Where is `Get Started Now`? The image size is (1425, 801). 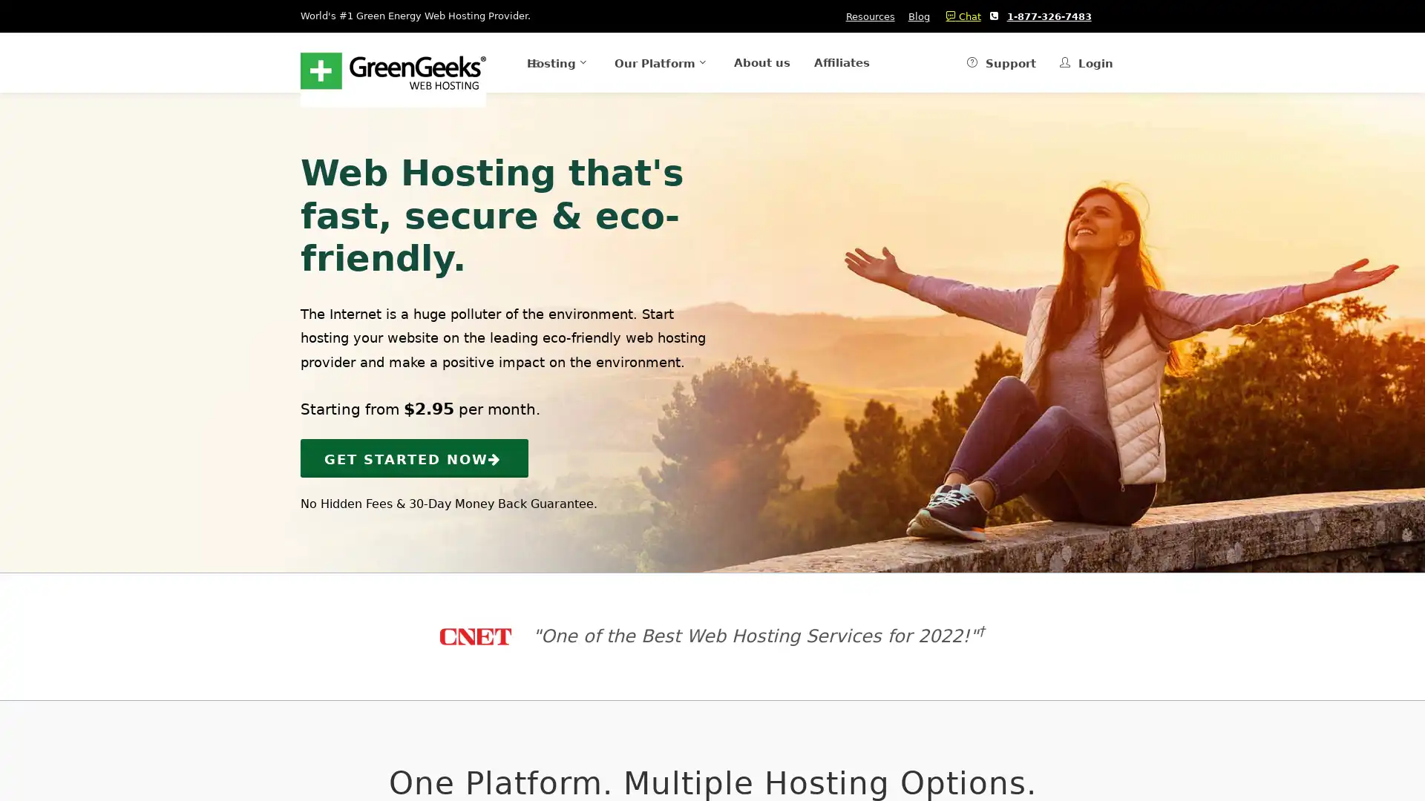
Get Started Now is located at coordinates (414, 457).